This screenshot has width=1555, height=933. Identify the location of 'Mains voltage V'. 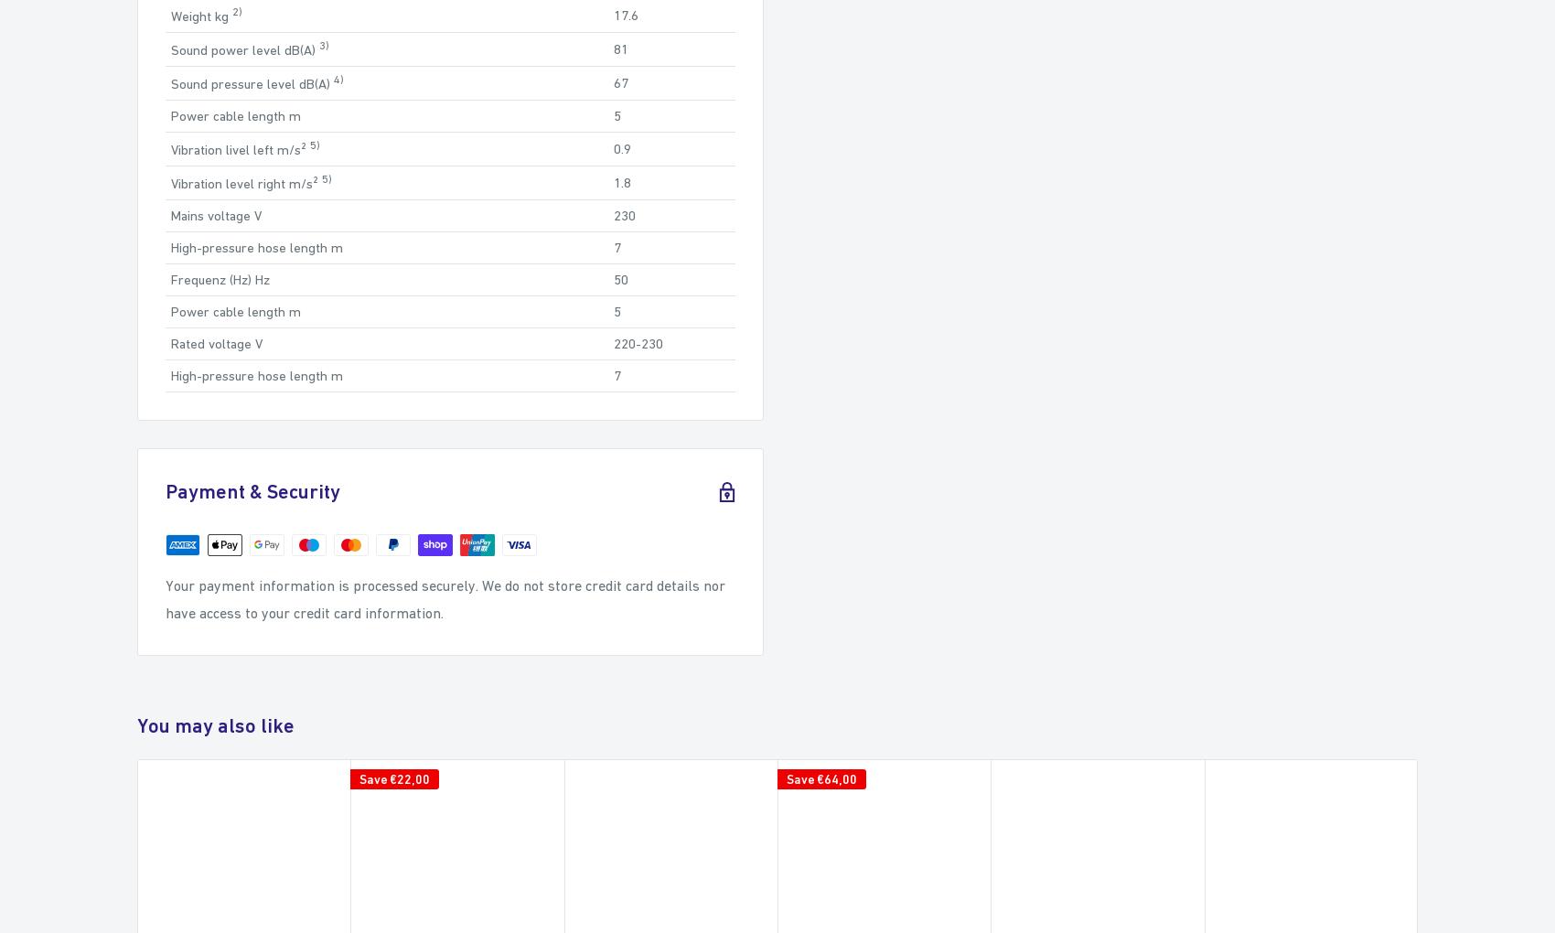
(216, 215).